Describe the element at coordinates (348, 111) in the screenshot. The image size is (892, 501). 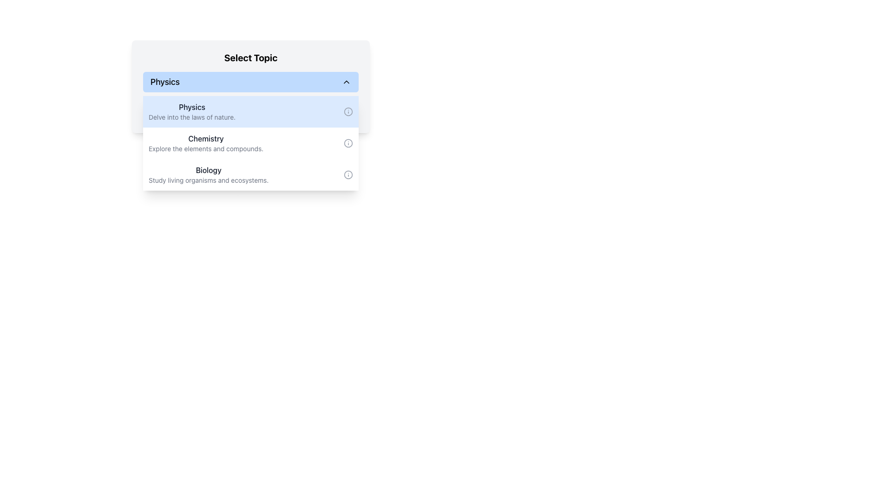
I see `the circular icon with a thin gray border and a transparent center located at the right end of the 'Physics' row` at that location.